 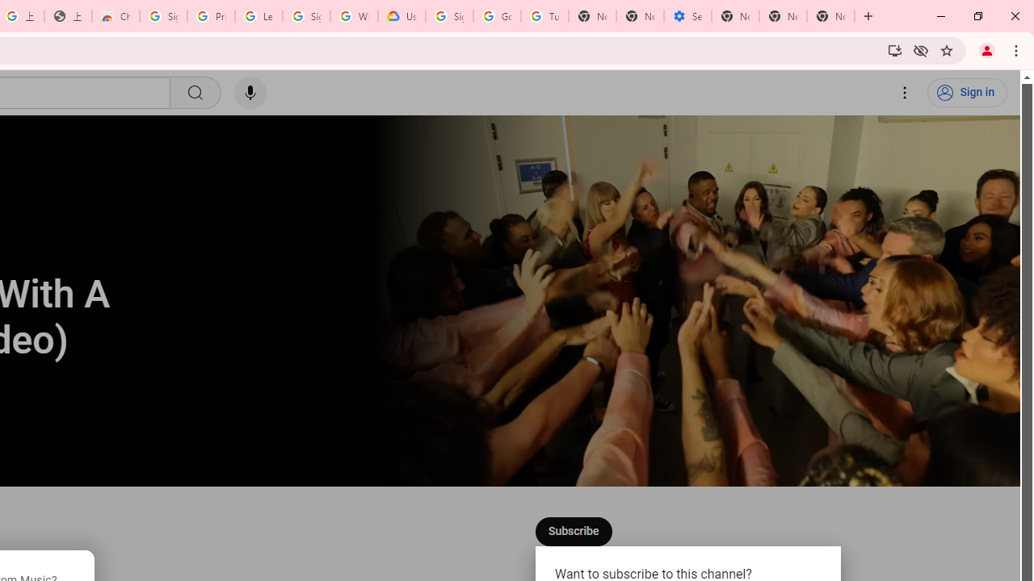 What do you see at coordinates (687, 16) in the screenshot?
I see `'Settings - Addresses and more'` at bounding box center [687, 16].